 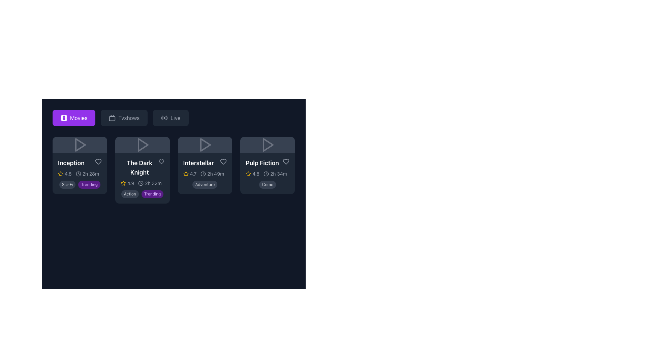 I want to click on the arrow-shaped icon with a triangular outline located in the top section of the 'Interstellar' card, which is the third card from the left, so click(x=205, y=144).